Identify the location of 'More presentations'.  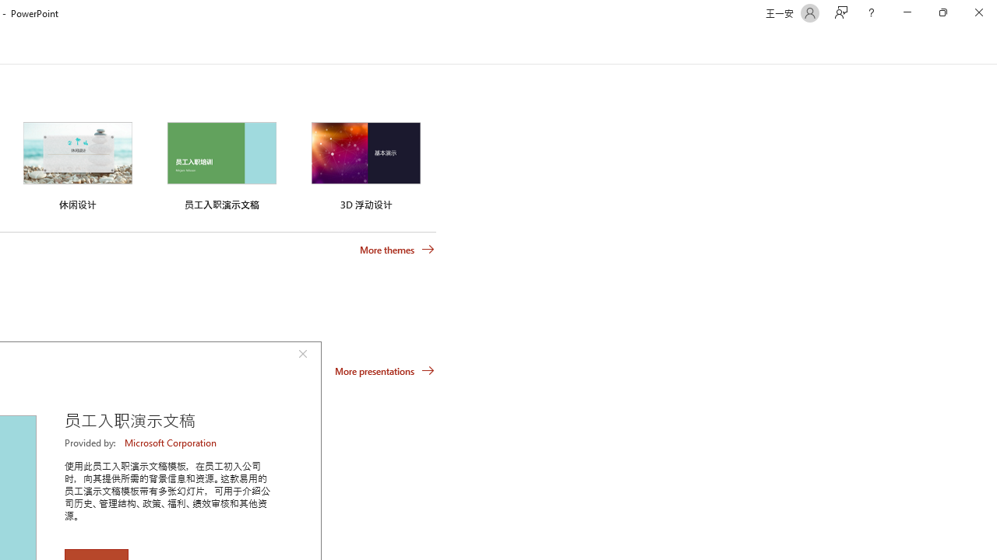
(385, 371).